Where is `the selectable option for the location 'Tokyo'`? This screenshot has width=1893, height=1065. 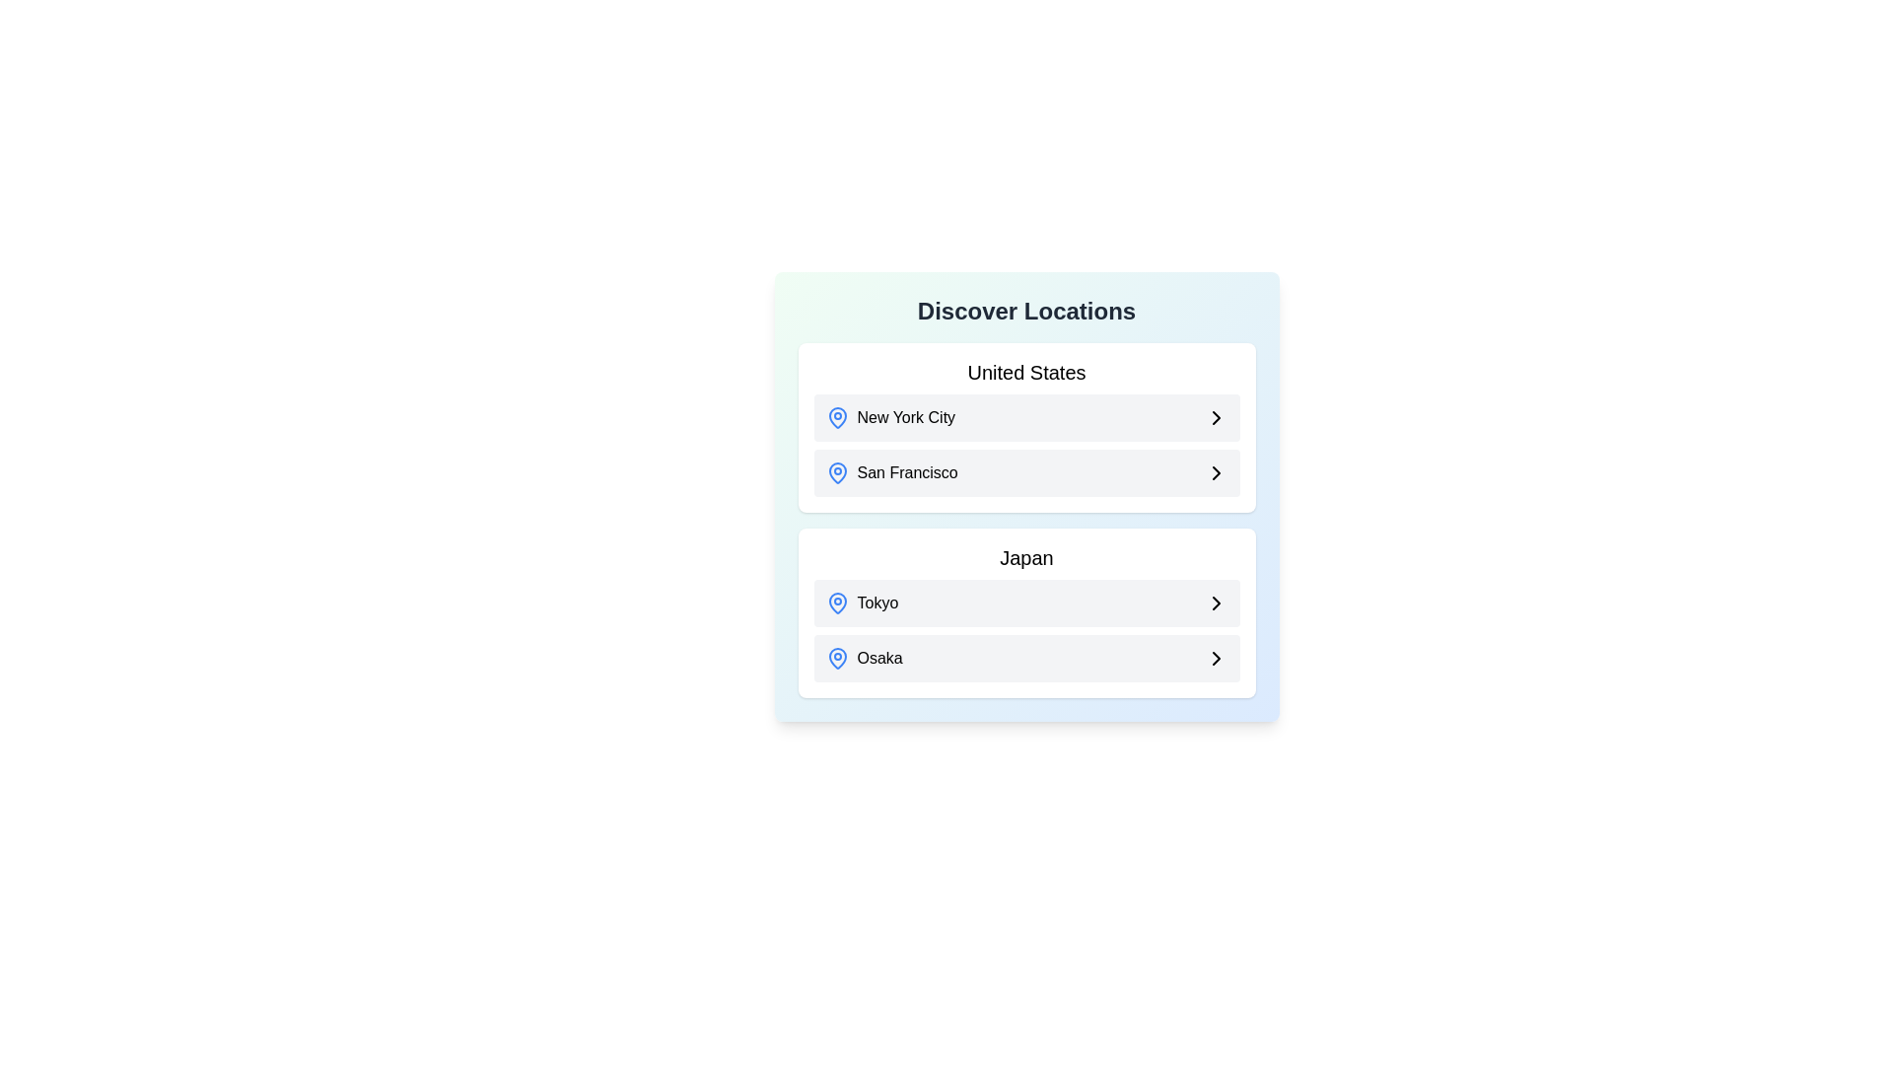
the selectable option for the location 'Tokyo' is located at coordinates (1025, 603).